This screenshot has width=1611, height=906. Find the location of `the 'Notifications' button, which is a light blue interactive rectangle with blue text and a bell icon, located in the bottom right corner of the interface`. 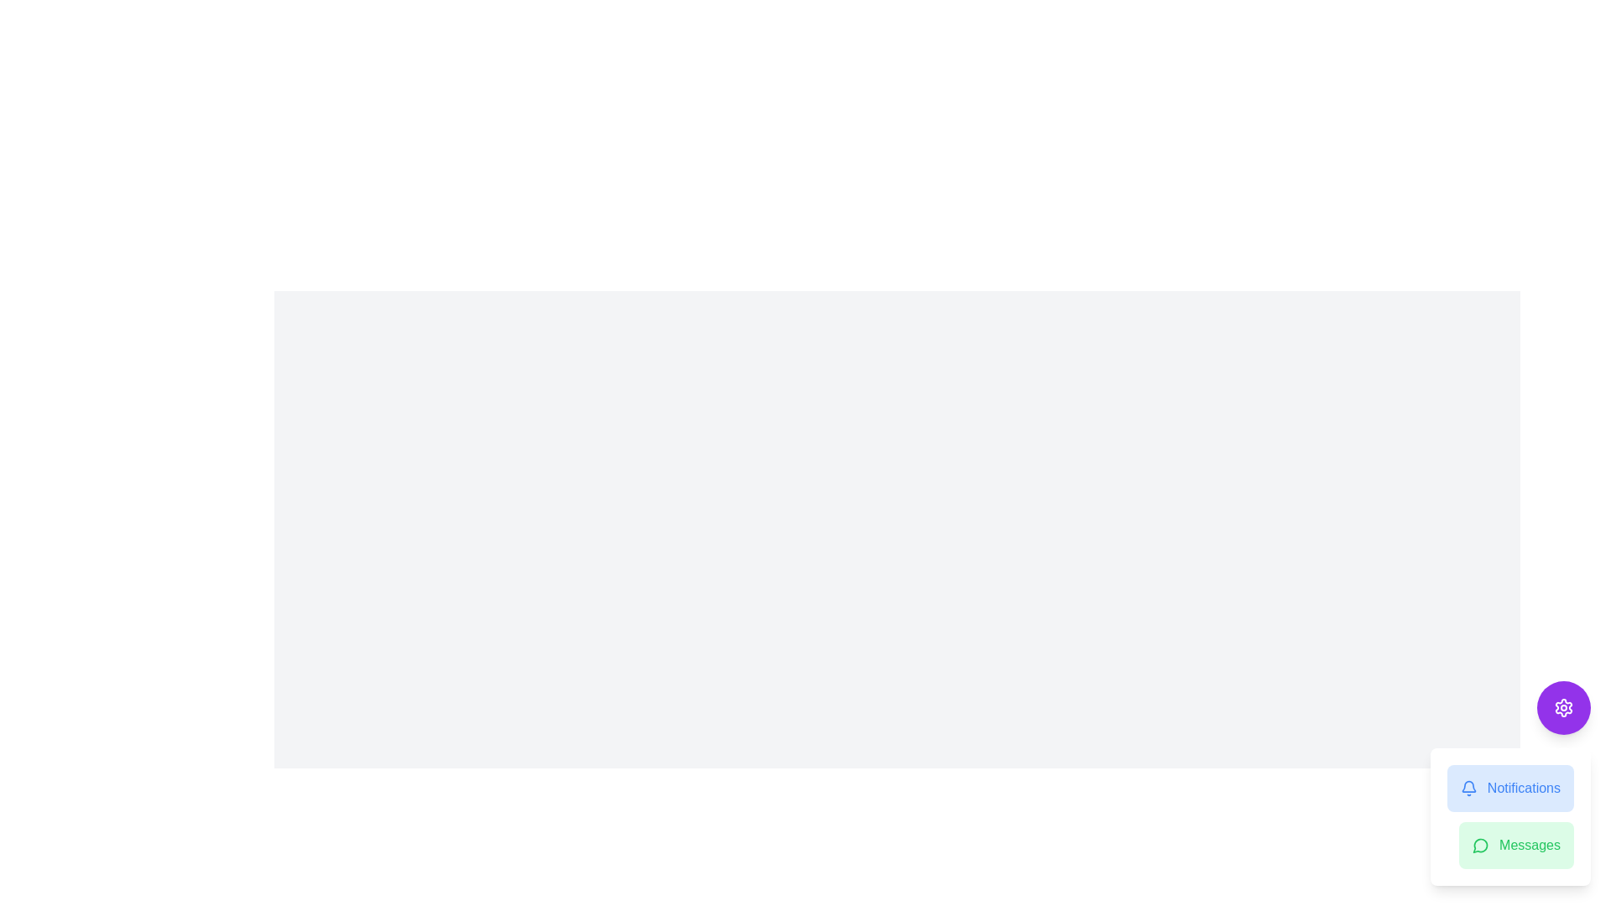

the 'Notifications' button, which is a light blue interactive rectangle with blue text and a bell icon, located in the bottom right corner of the interface is located at coordinates (1510, 783).